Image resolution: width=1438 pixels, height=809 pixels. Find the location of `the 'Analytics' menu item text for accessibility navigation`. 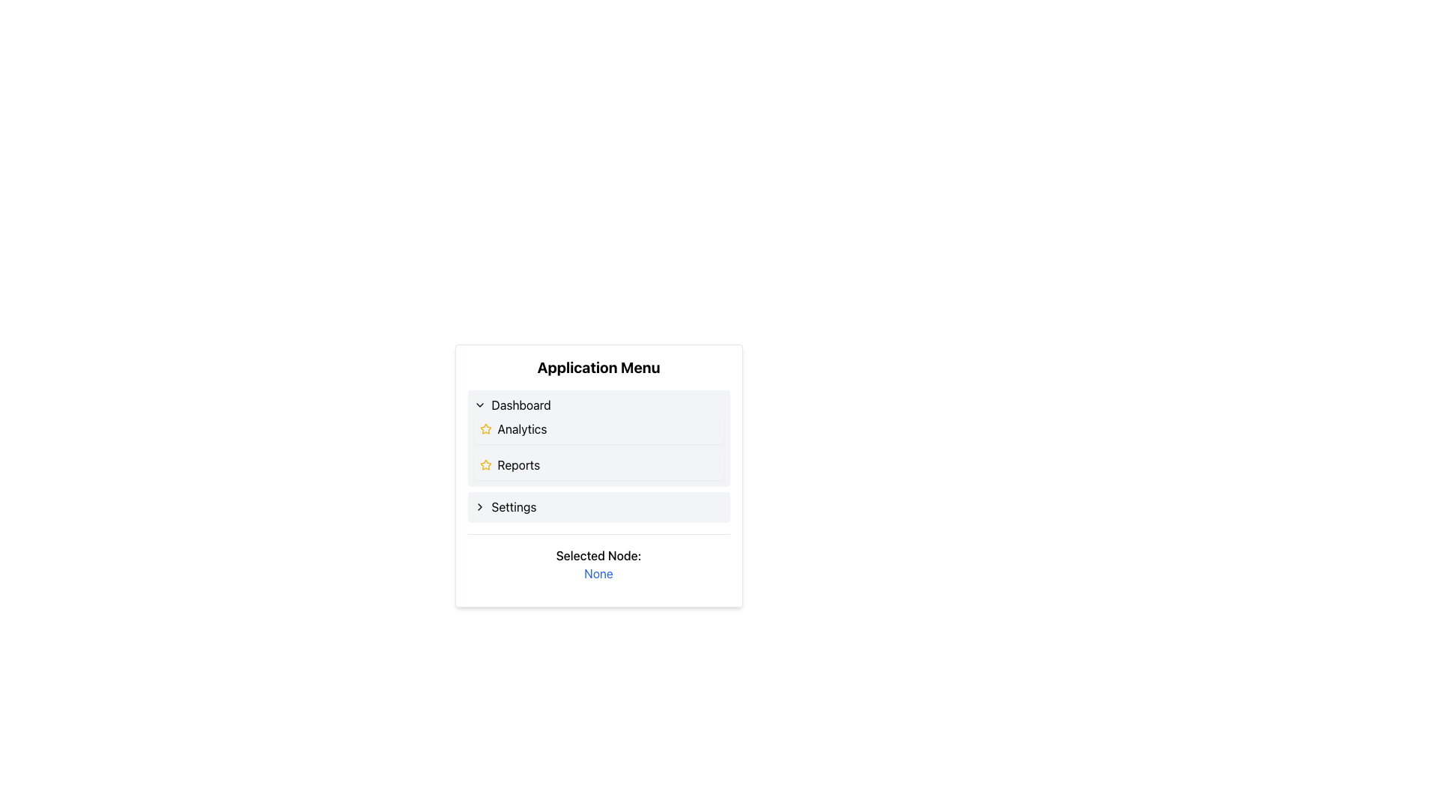

the 'Analytics' menu item text for accessibility navigation is located at coordinates (598, 429).